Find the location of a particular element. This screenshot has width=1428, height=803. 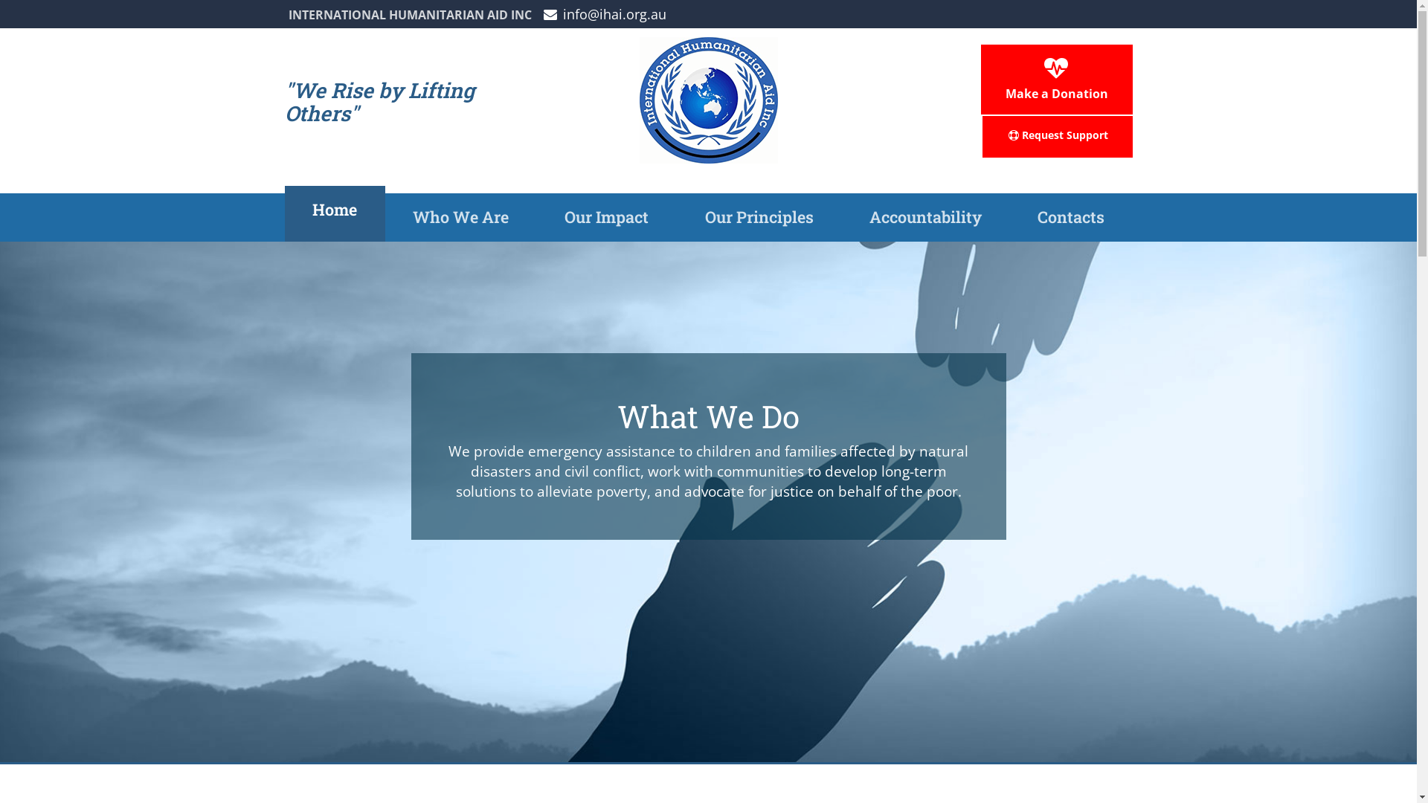

'Accountability' is located at coordinates (924, 217).